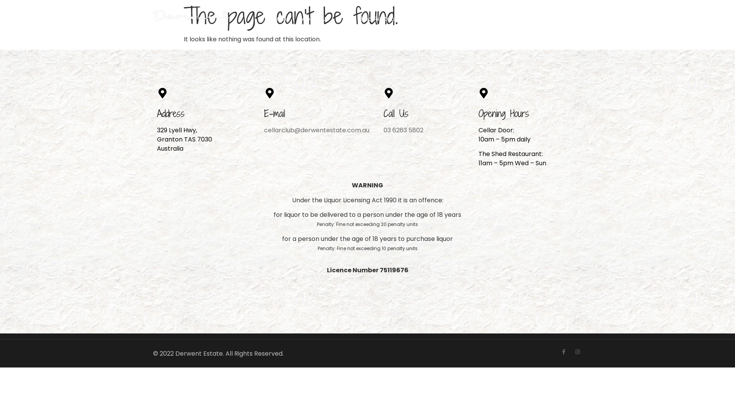 This screenshot has width=735, height=413. Describe the element at coordinates (543, 19) in the screenshot. I see `'Cart'` at that location.